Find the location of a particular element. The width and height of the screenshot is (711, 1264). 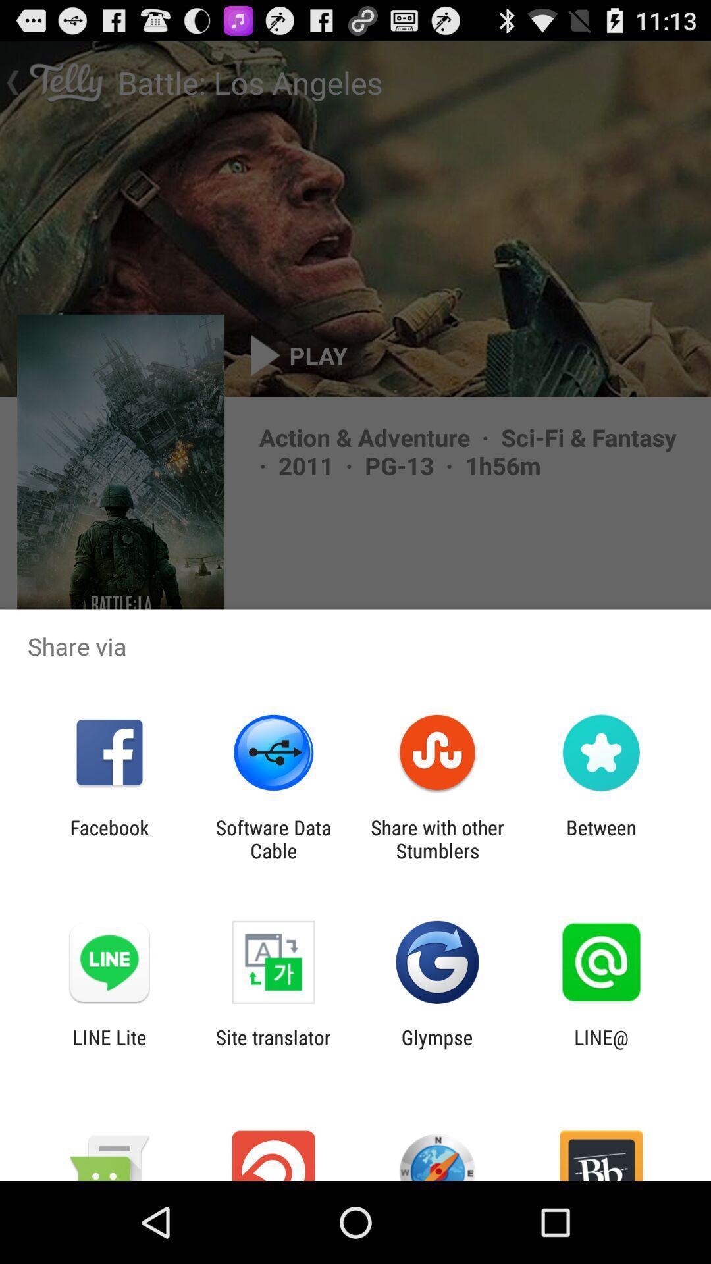

the item to the left of site translator is located at coordinates (109, 1048).